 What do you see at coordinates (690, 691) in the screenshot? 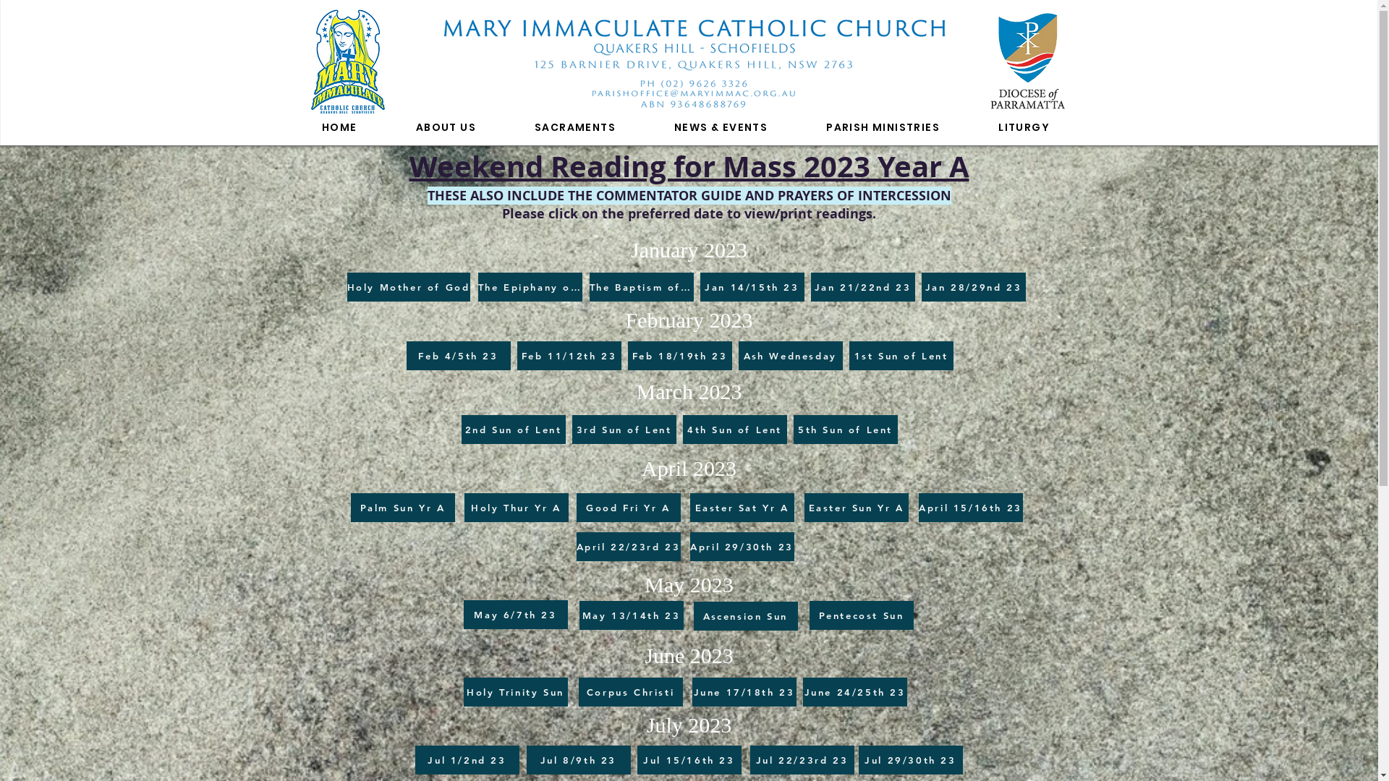
I see `'June 17/18th 23'` at bounding box center [690, 691].